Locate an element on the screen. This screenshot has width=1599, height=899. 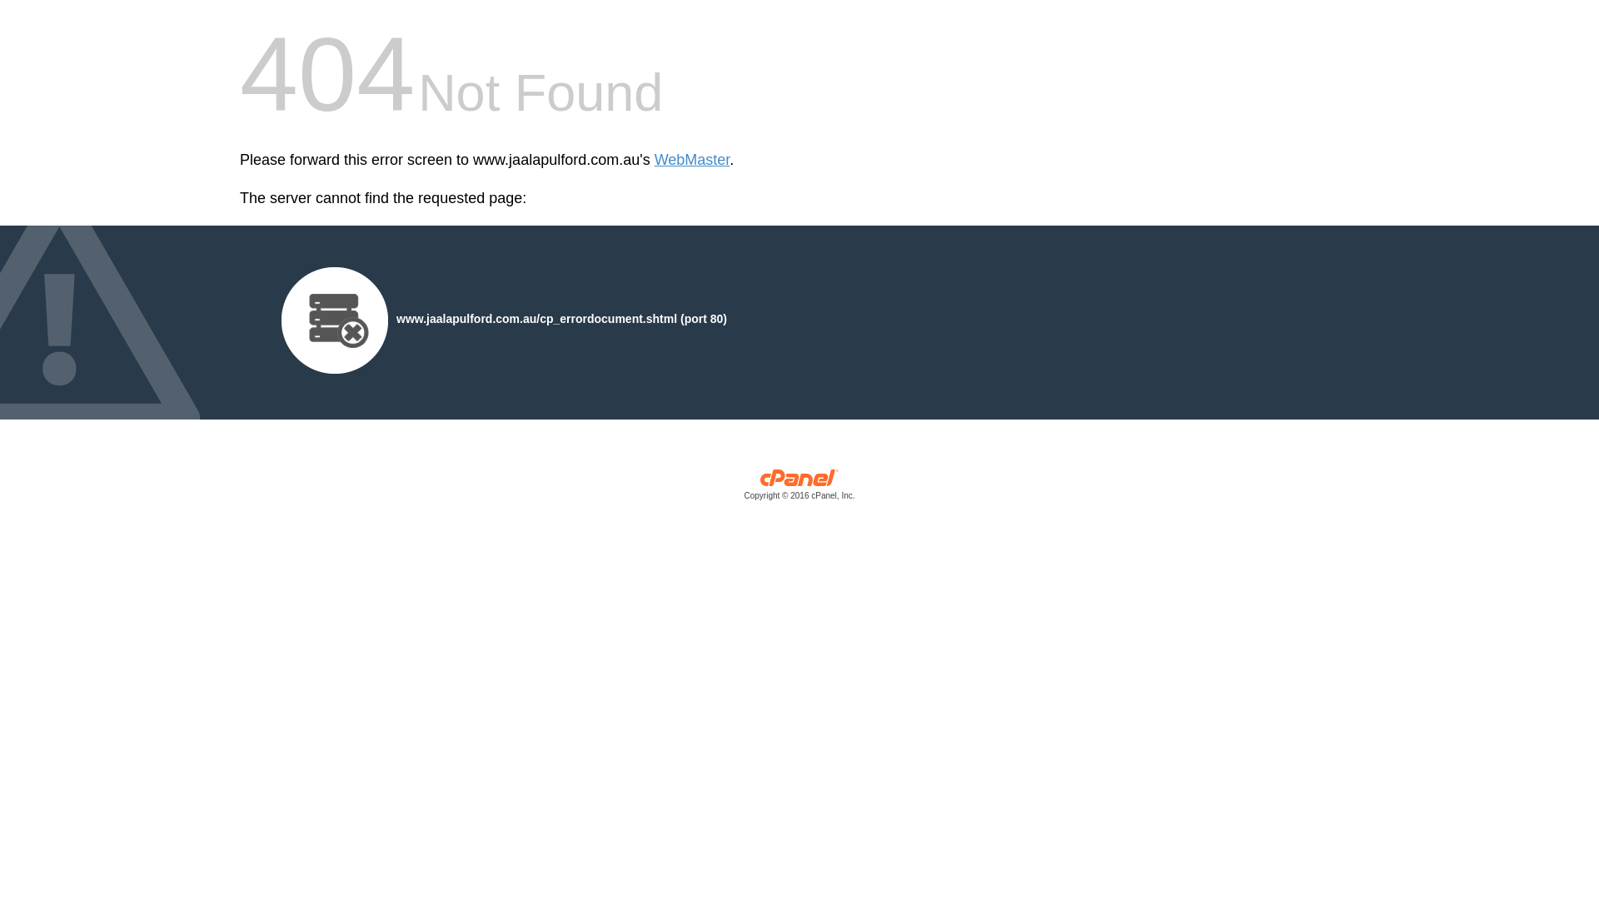
'WebMaster' is located at coordinates (692, 160).